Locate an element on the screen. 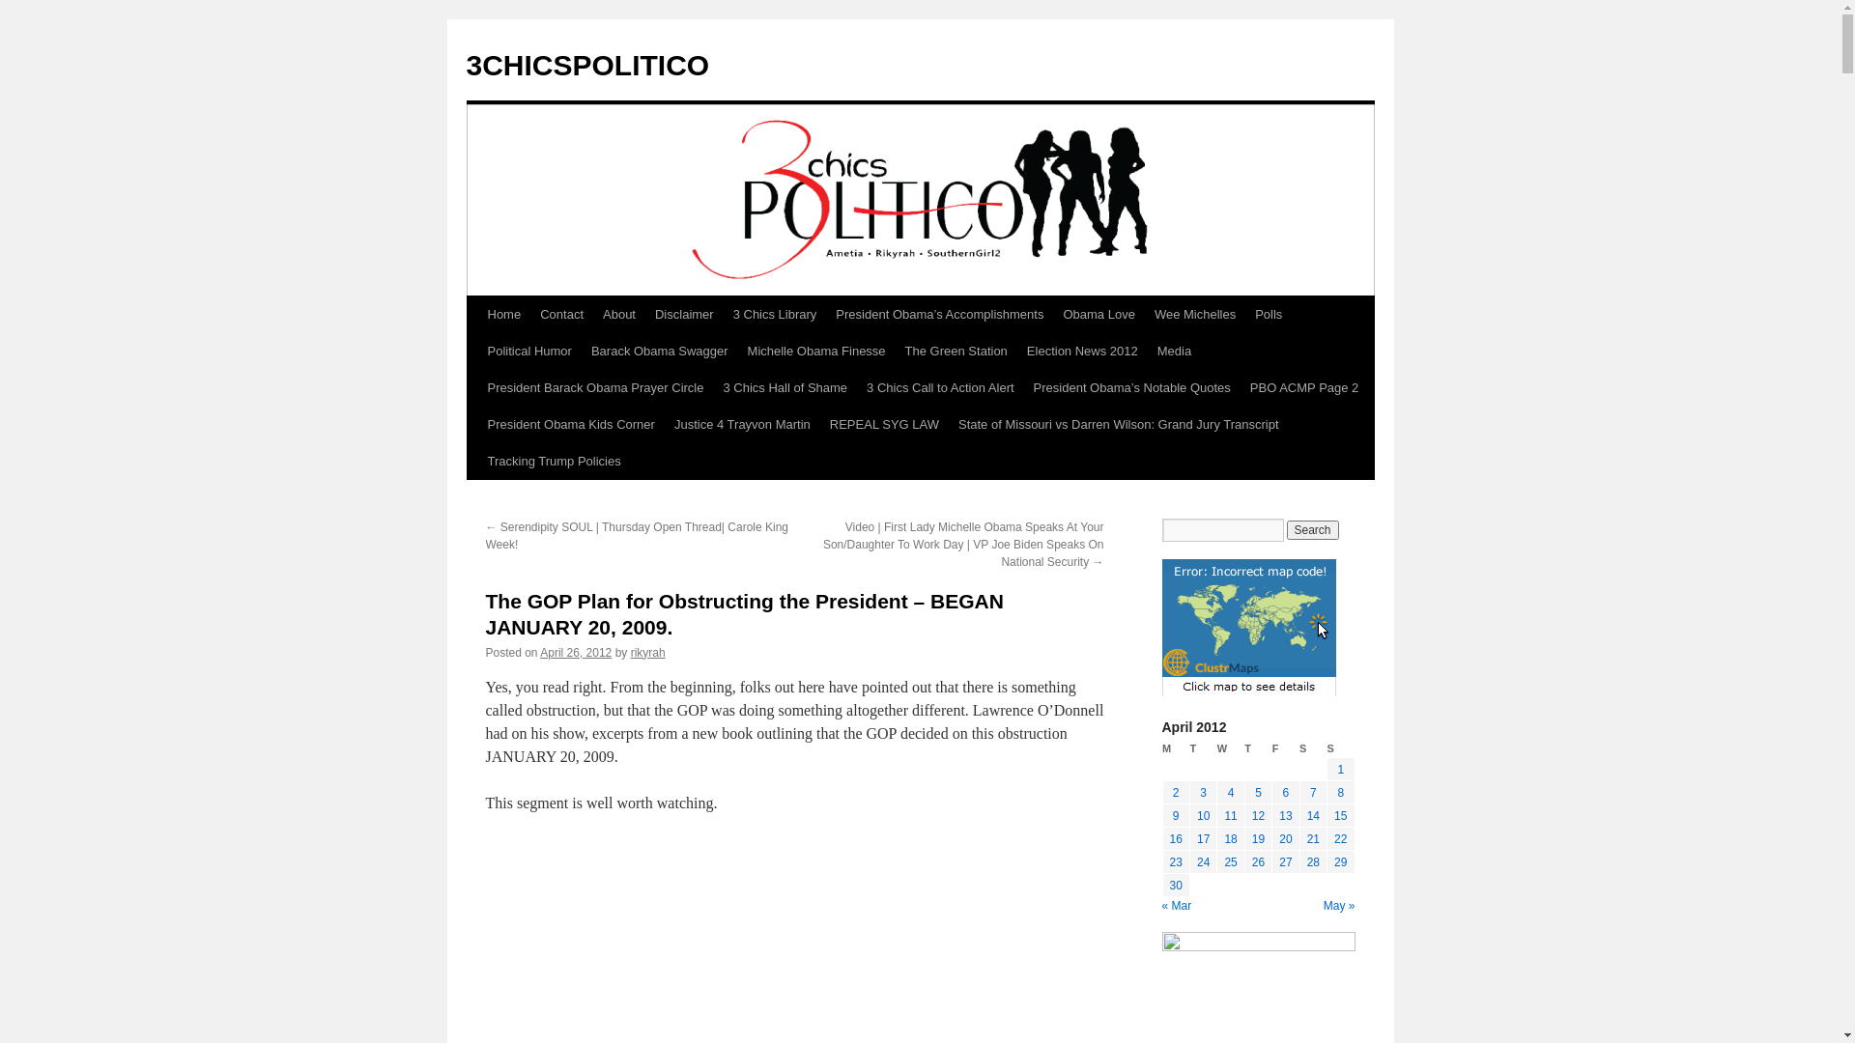  '11' is located at coordinates (1229, 815).